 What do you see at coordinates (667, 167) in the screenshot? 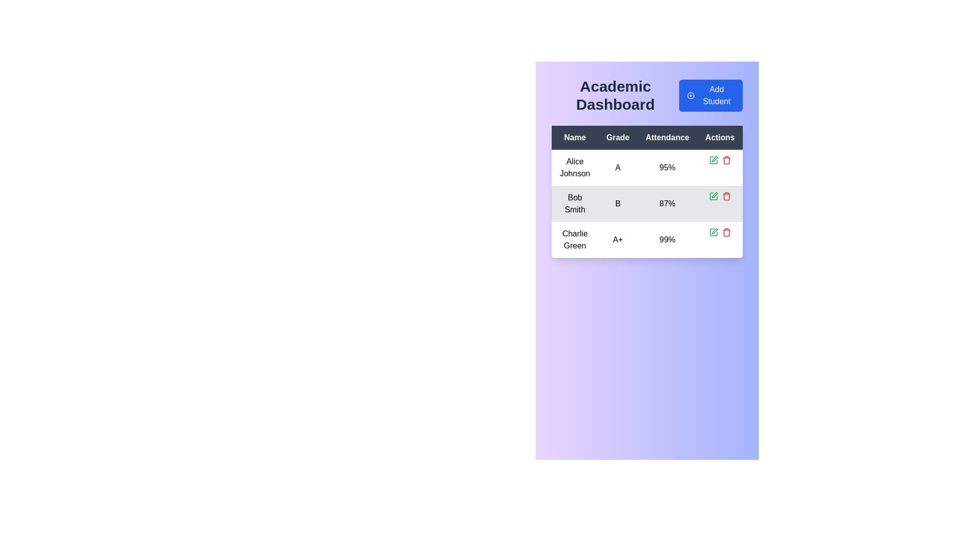
I see `the attendance percentage text label displaying information for the student 'Alice Johnson', located in the 'Attendance' column of the first row in the table` at bounding box center [667, 167].